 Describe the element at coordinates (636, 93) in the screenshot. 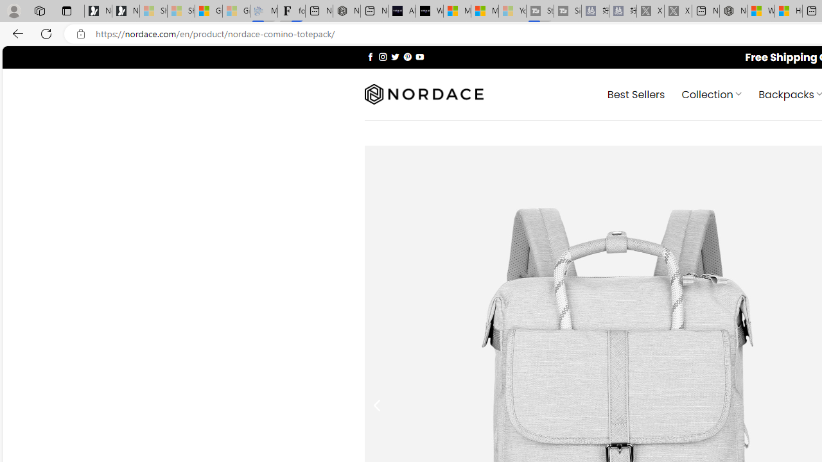

I see `'  Best Sellers'` at that location.